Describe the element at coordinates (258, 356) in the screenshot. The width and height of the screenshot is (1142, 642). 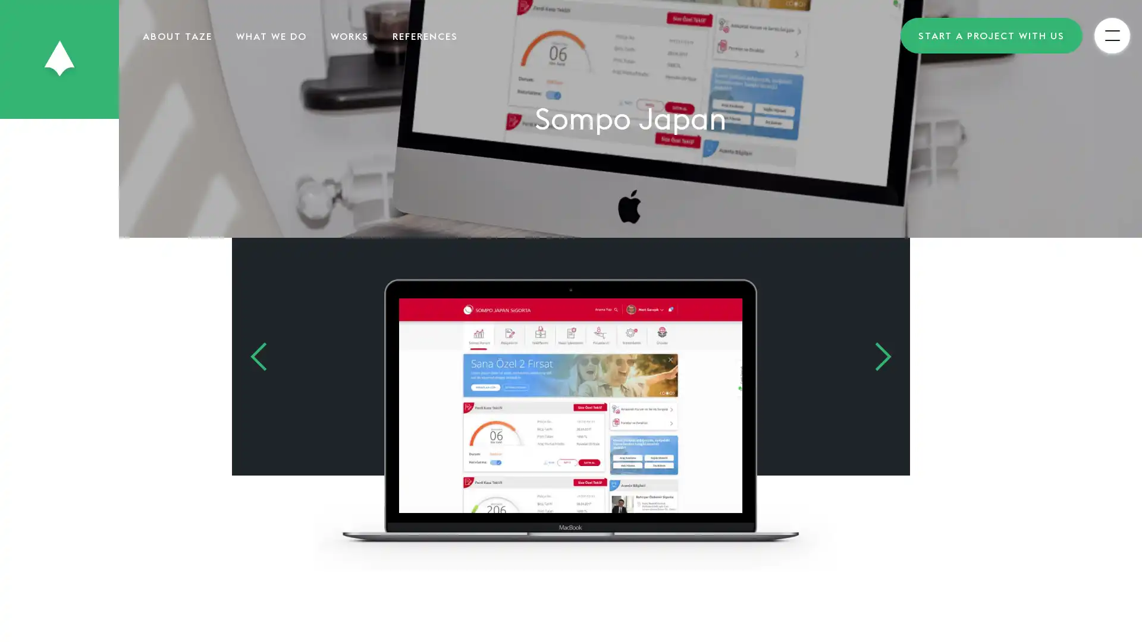
I see `Previous` at that location.